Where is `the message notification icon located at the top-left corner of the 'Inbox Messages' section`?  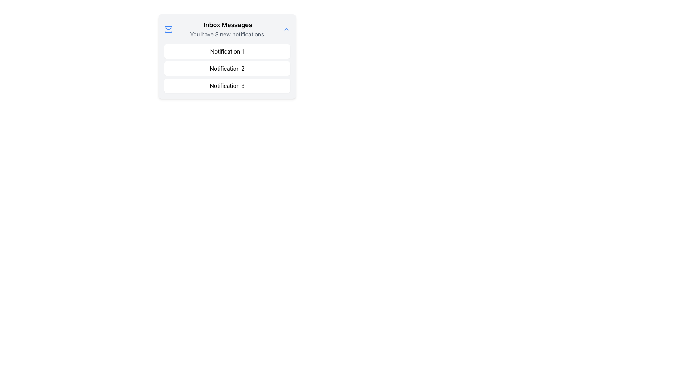
the message notification icon located at the top-left corner of the 'Inbox Messages' section is located at coordinates (168, 29).